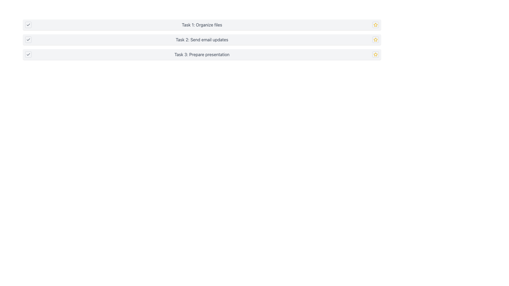 The image size is (509, 286). I want to click on the yellow star icon located in the rightmost clickable area of the third task line associated with 'Task 3: Prepare Presentation', so click(375, 54).